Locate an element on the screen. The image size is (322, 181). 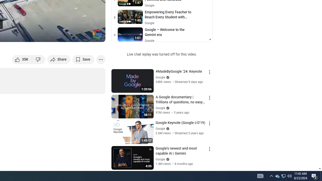
'like this video along with 35,367 other people' is located at coordinates (22, 59).